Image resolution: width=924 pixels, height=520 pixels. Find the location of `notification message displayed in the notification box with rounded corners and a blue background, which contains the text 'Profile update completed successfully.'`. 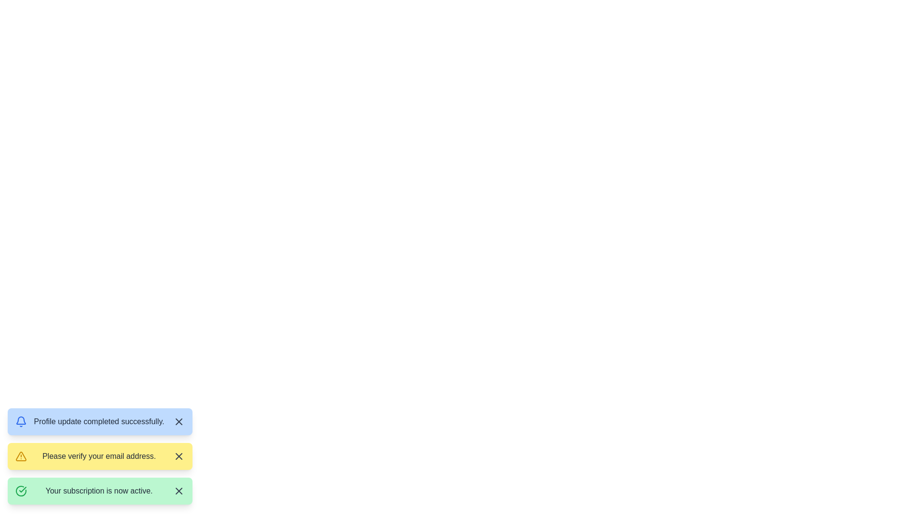

notification message displayed in the notification box with rounded corners and a blue background, which contains the text 'Profile update completed successfully.' is located at coordinates (100, 421).